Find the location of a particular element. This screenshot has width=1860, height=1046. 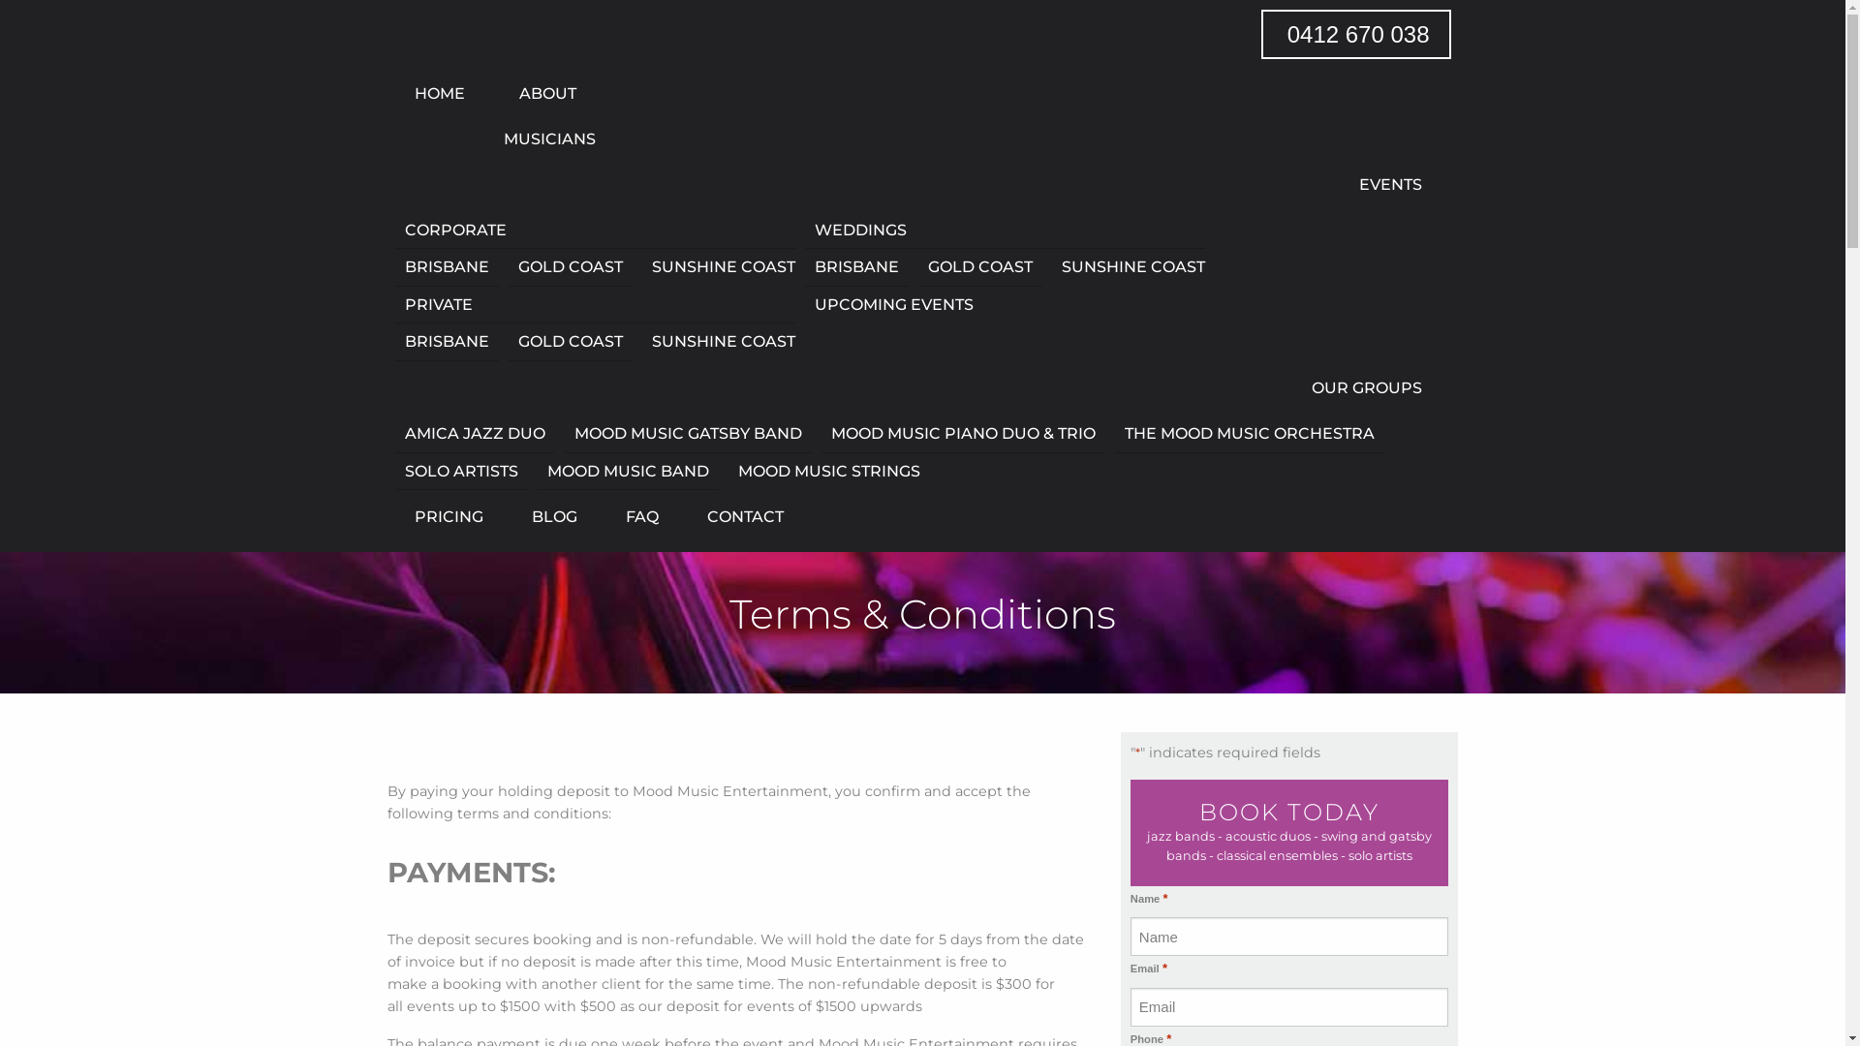

'PRICING' is located at coordinates (448, 515).